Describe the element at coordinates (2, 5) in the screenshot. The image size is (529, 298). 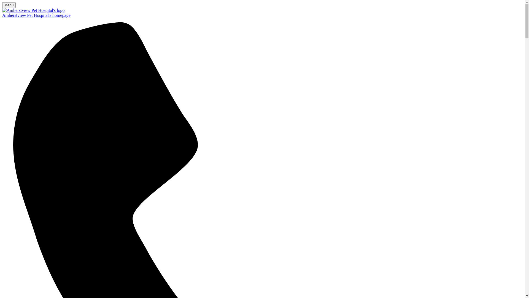
I see `'Menu'` at that location.